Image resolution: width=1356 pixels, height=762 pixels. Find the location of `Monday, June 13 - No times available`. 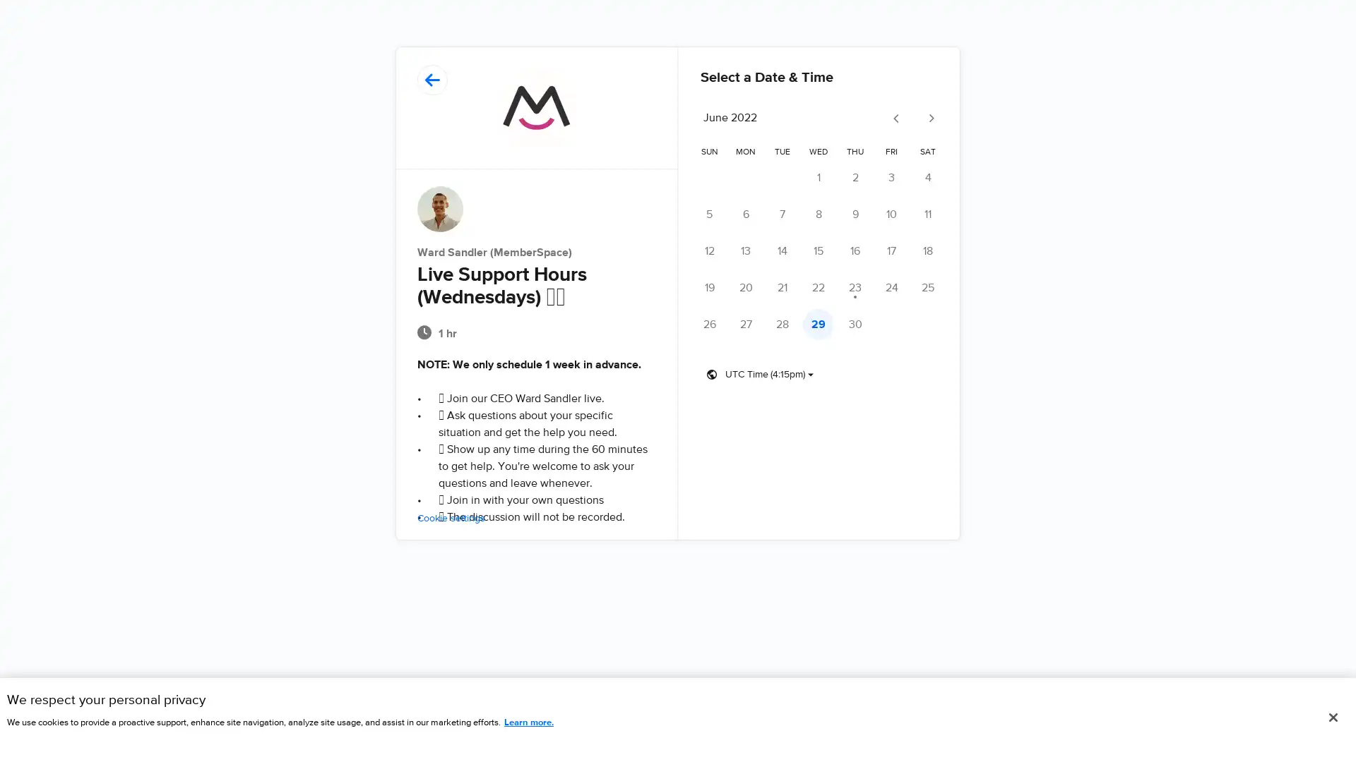

Monday, June 13 - No times available is located at coordinates (745, 250).